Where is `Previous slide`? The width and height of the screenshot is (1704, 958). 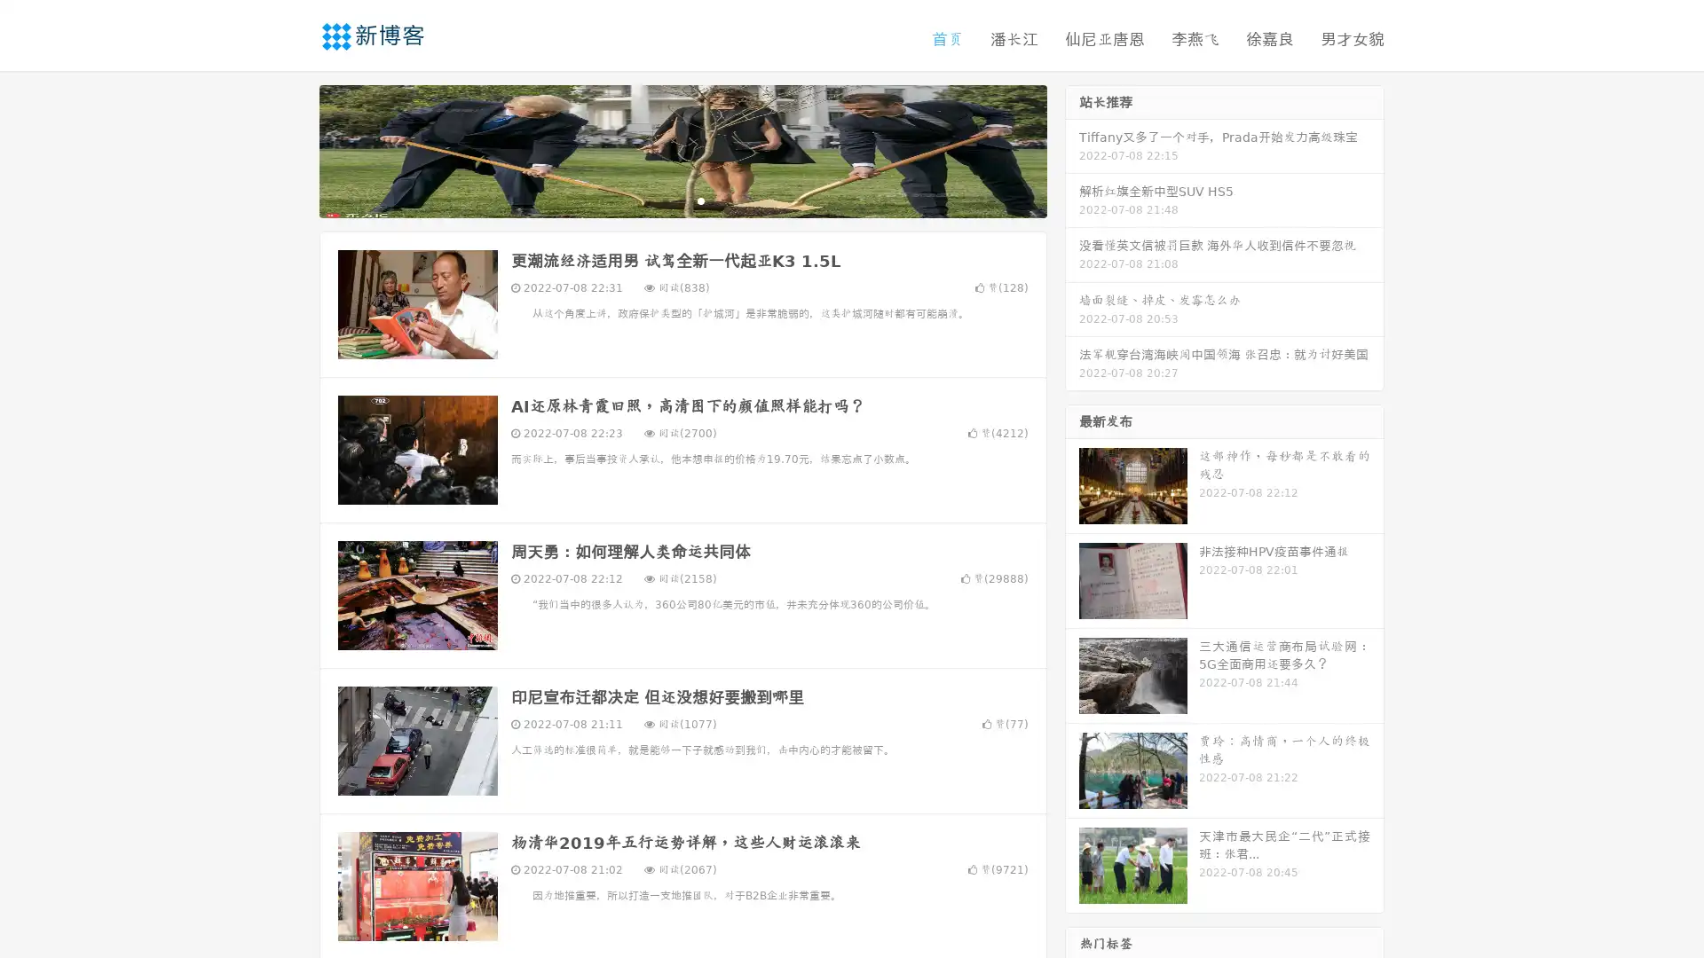
Previous slide is located at coordinates (293, 149).